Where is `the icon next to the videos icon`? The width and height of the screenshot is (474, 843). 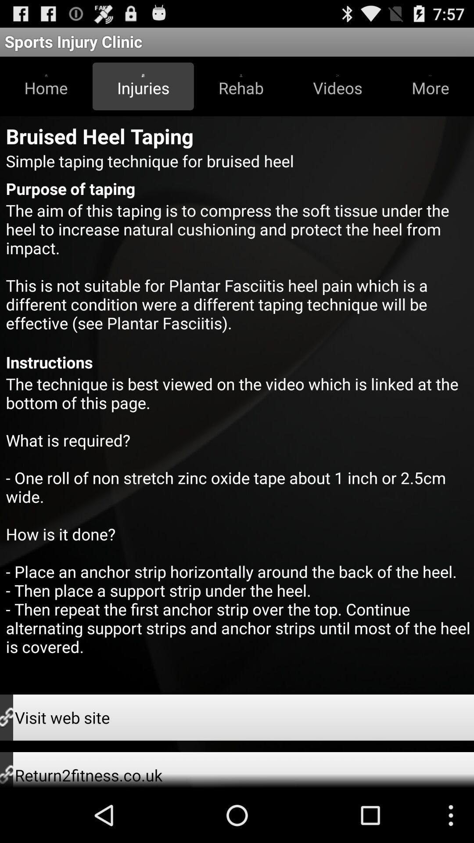
the icon next to the videos icon is located at coordinates (430, 86).